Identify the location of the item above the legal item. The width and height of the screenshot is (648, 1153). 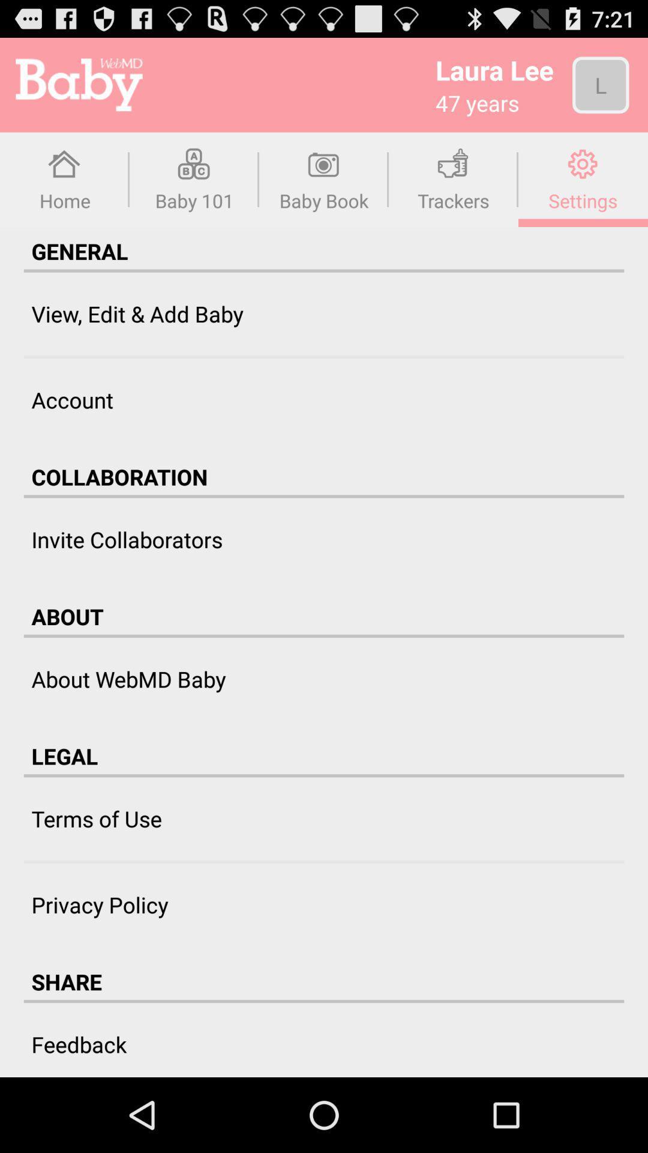
(128, 679).